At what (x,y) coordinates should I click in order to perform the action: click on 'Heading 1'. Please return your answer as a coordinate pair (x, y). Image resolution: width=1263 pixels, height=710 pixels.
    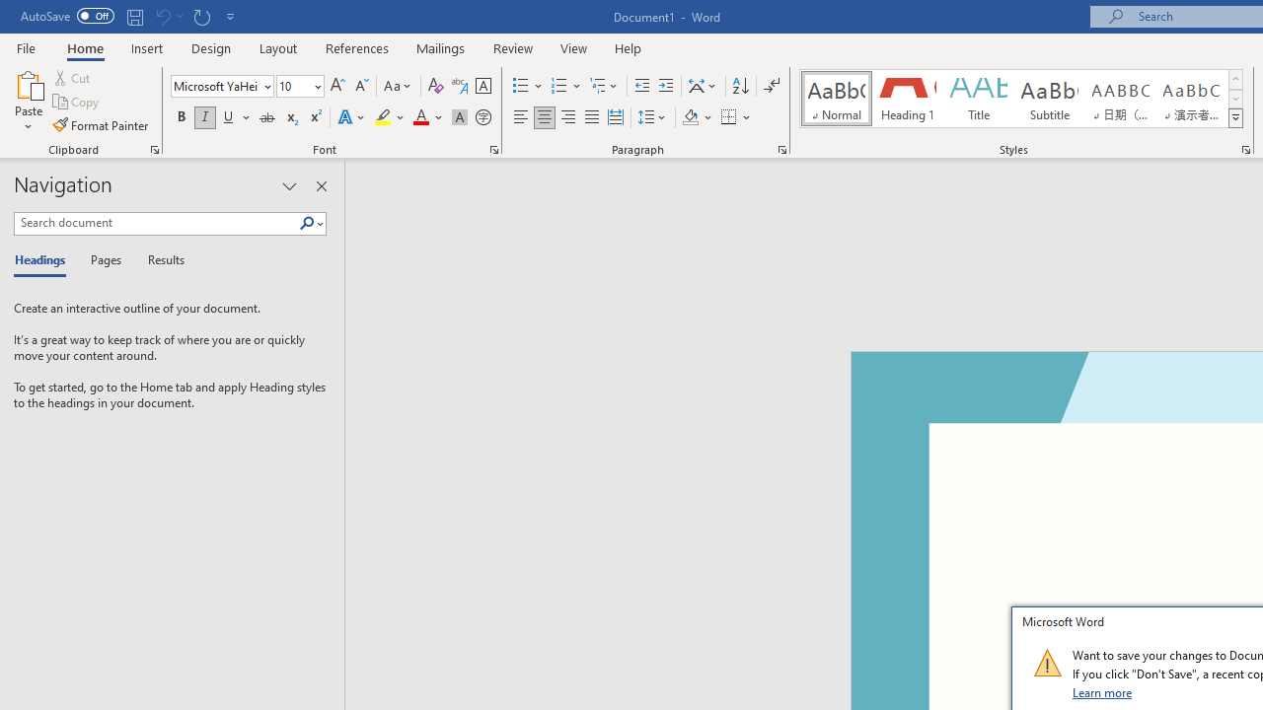
    Looking at the image, I should click on (907, 99).